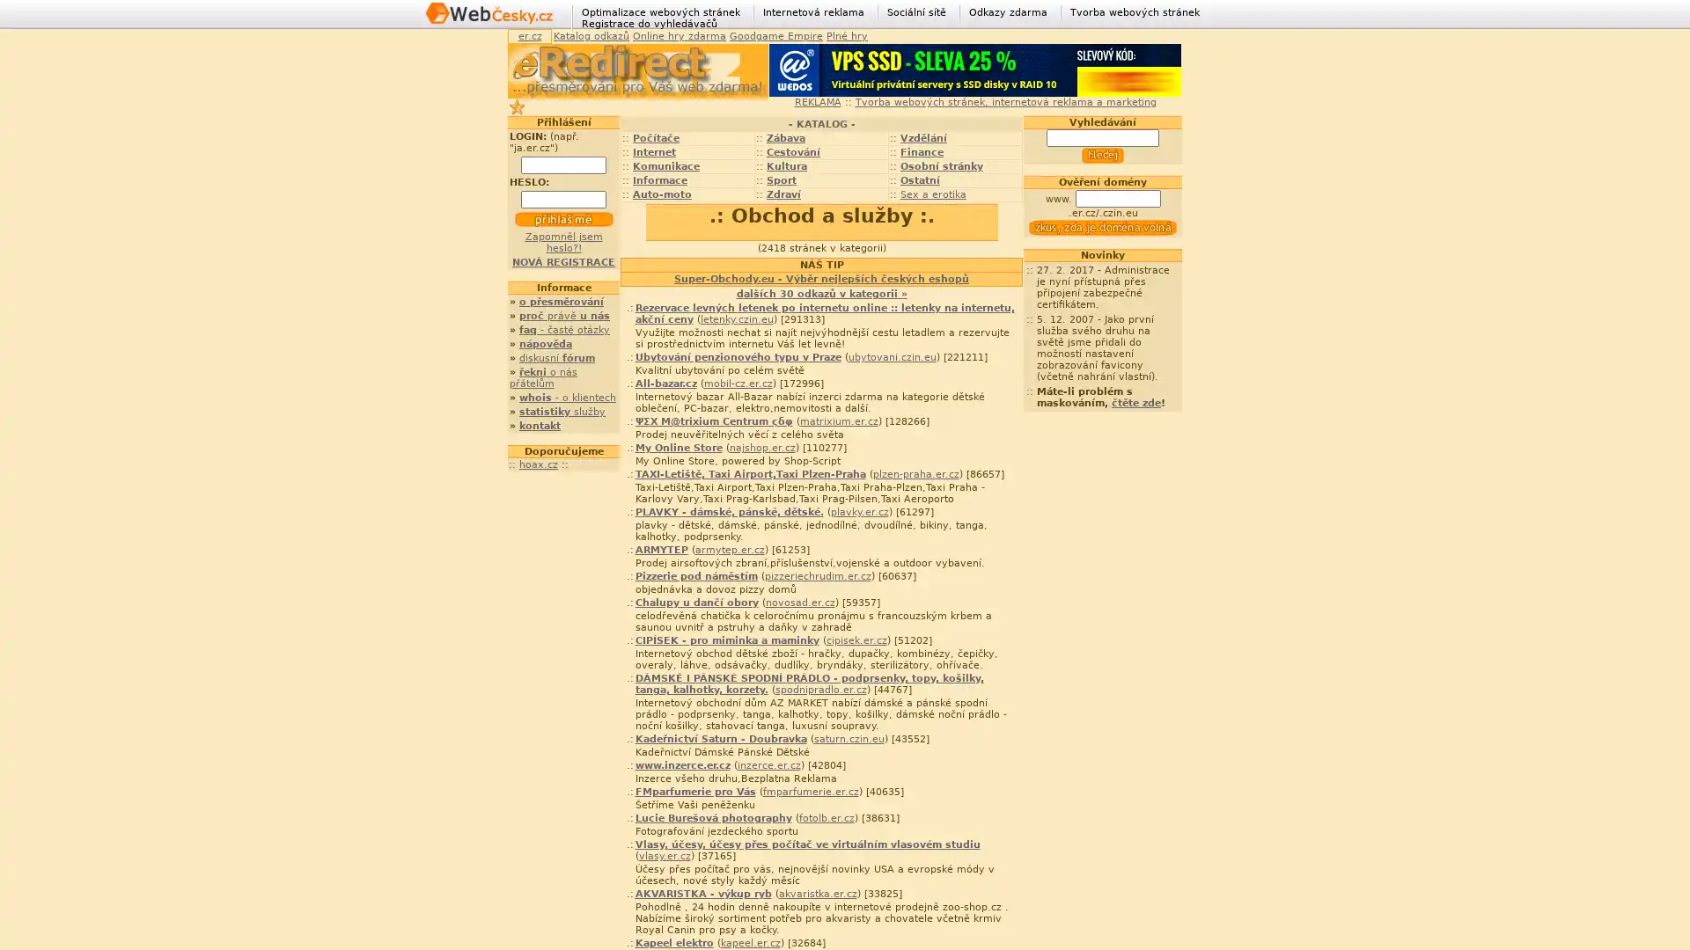 The image size is (1690, 950). What do you see at coordinates (1101, 155) in the screenshot?
I see `HLEDEJ` at bounding box center [1101, 155].